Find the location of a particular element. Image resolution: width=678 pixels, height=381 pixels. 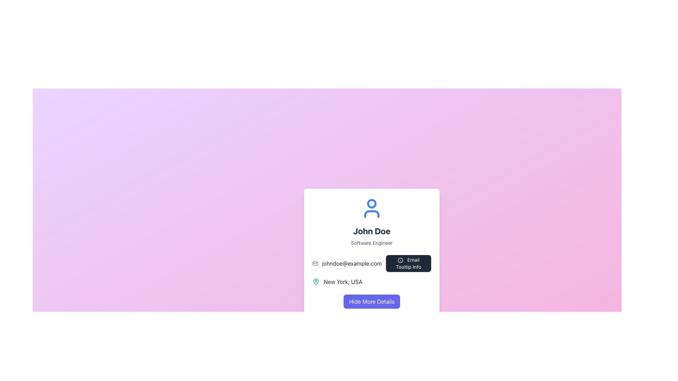

the informational icon located at the beginning of the tooltip text block, which is associated with the email address feature in the UI card is located at coordinates (400, 260).